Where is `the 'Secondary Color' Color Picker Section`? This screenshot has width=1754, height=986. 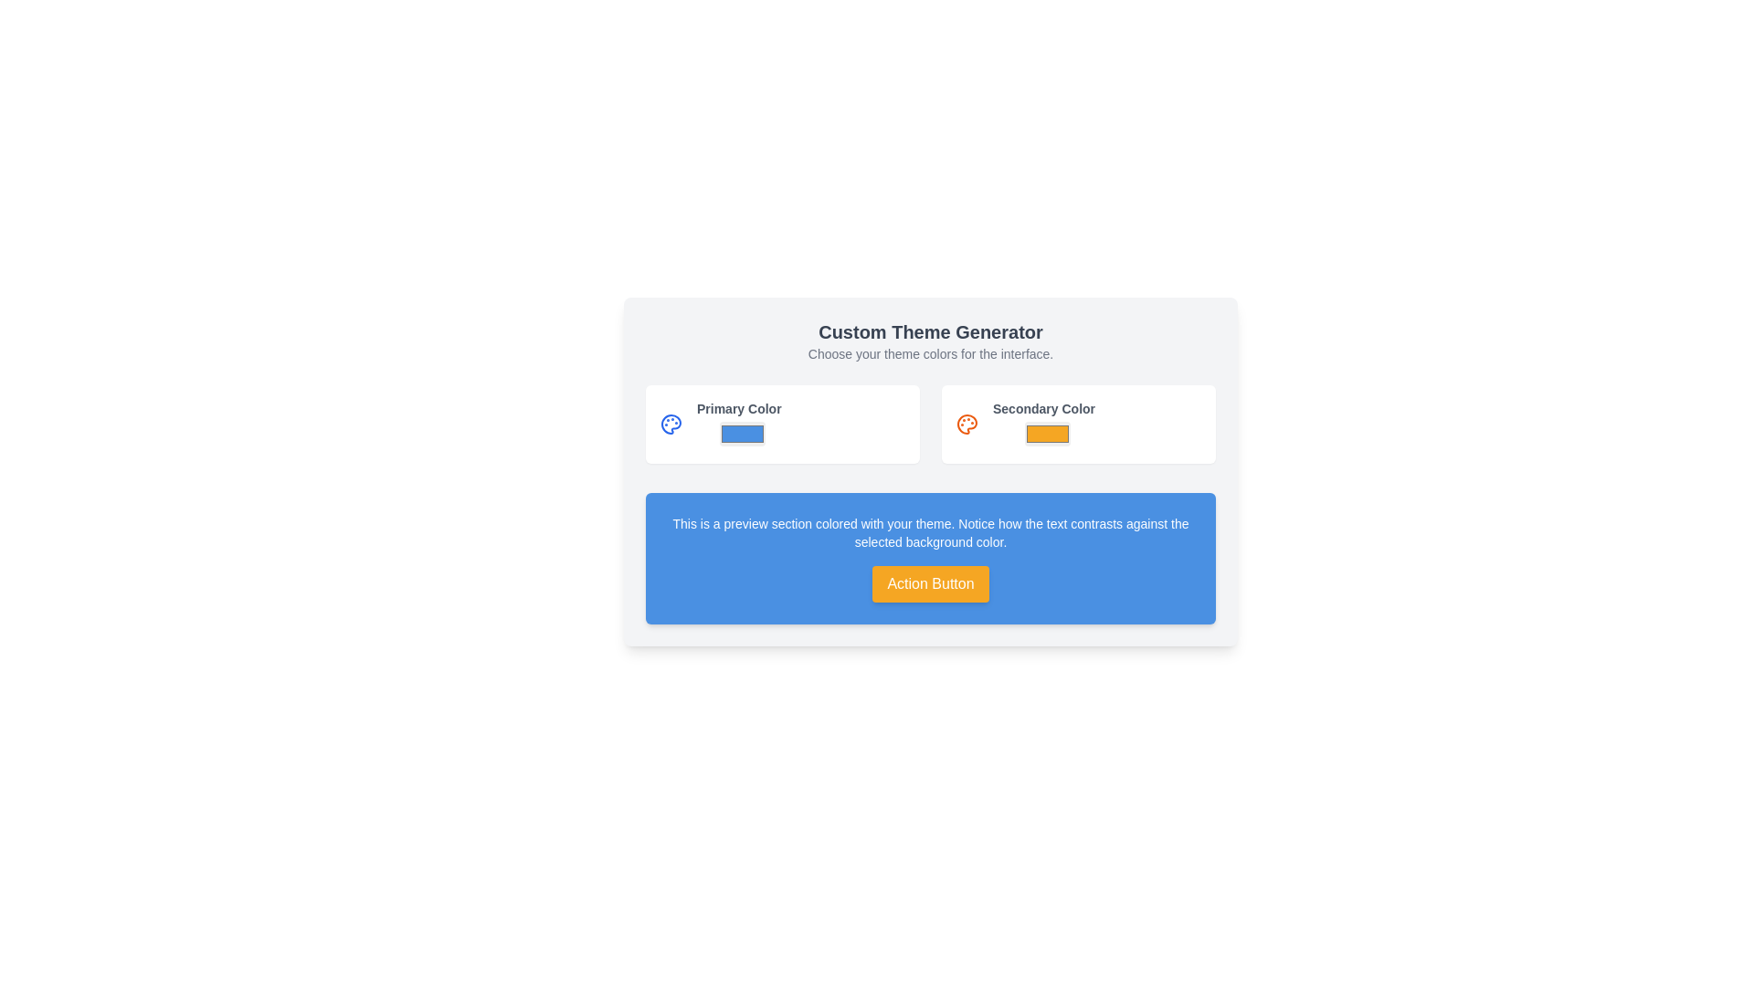 the 'Secondary Color' Color Picker Section is located at coordinates (1078, 425).